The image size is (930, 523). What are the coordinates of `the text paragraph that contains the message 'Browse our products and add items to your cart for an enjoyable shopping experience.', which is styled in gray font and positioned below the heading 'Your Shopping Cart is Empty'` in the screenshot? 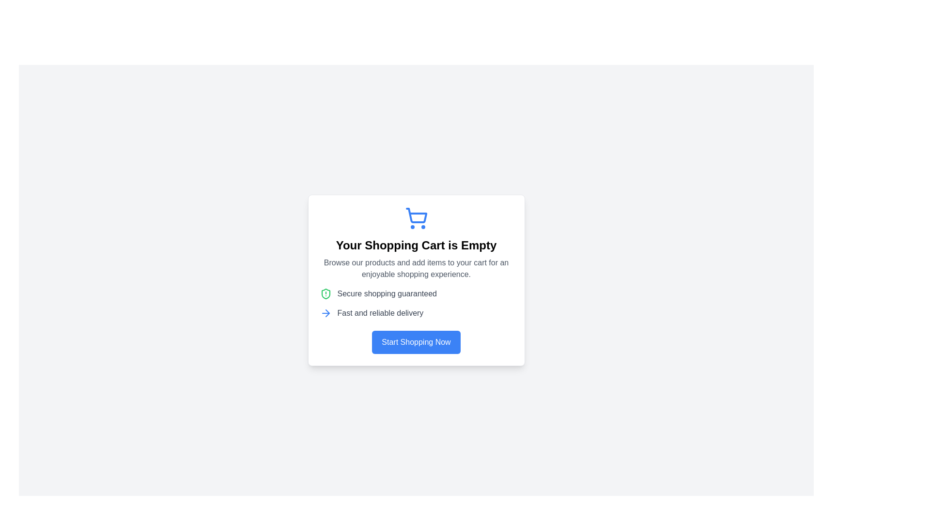 It's located at (416, 269).